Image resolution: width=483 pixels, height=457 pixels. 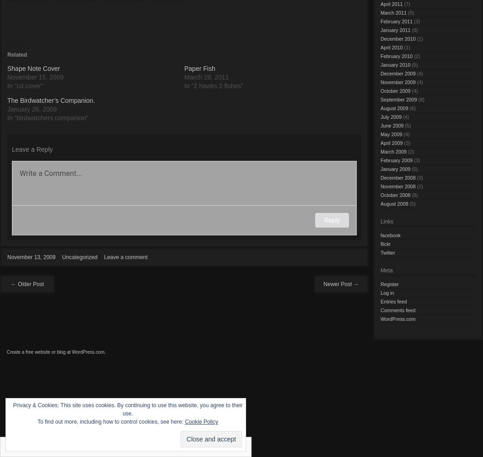 What do you see at coordinates (391, 4) in the screenshot?
I see `'April 2011'` at bounding box center [391, 4].